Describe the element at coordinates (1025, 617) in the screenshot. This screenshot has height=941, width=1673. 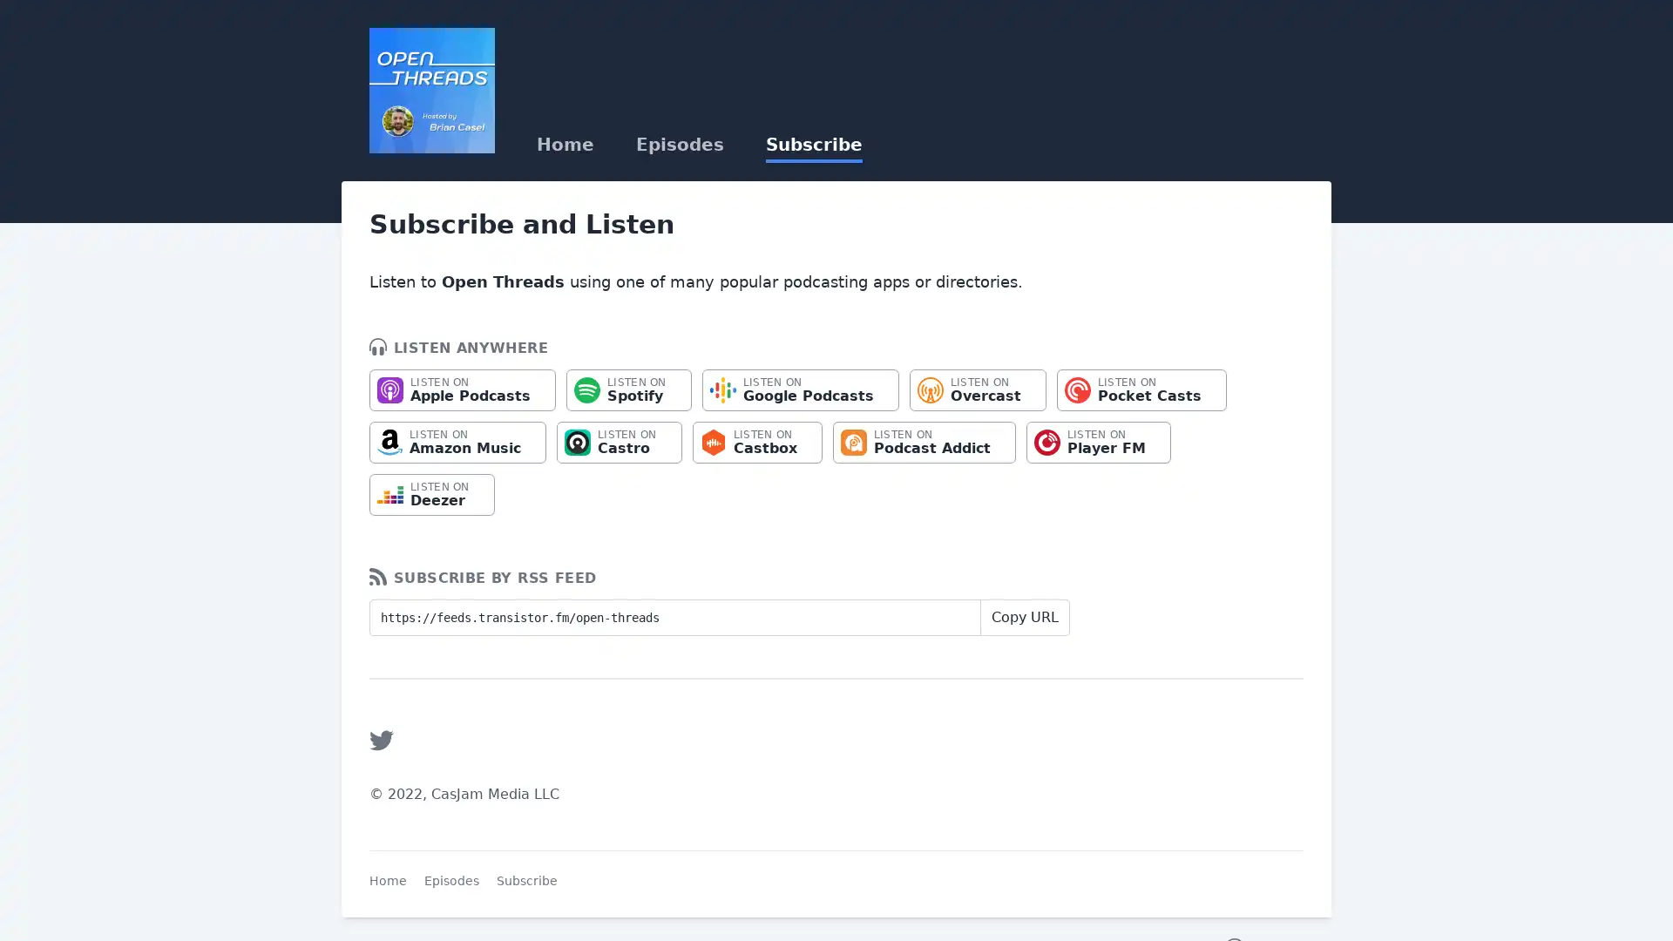
I see `Copy URL` at that location.